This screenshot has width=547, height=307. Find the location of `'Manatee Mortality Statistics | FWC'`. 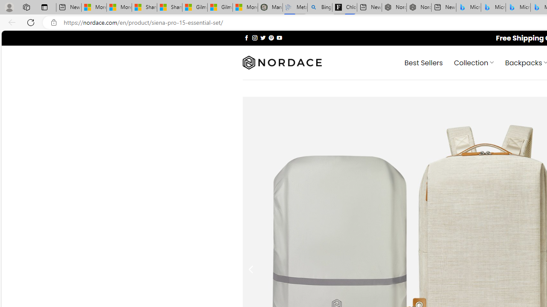

'Manatee Mortality Statistics | FWC' is located at coordinates (270, 7).